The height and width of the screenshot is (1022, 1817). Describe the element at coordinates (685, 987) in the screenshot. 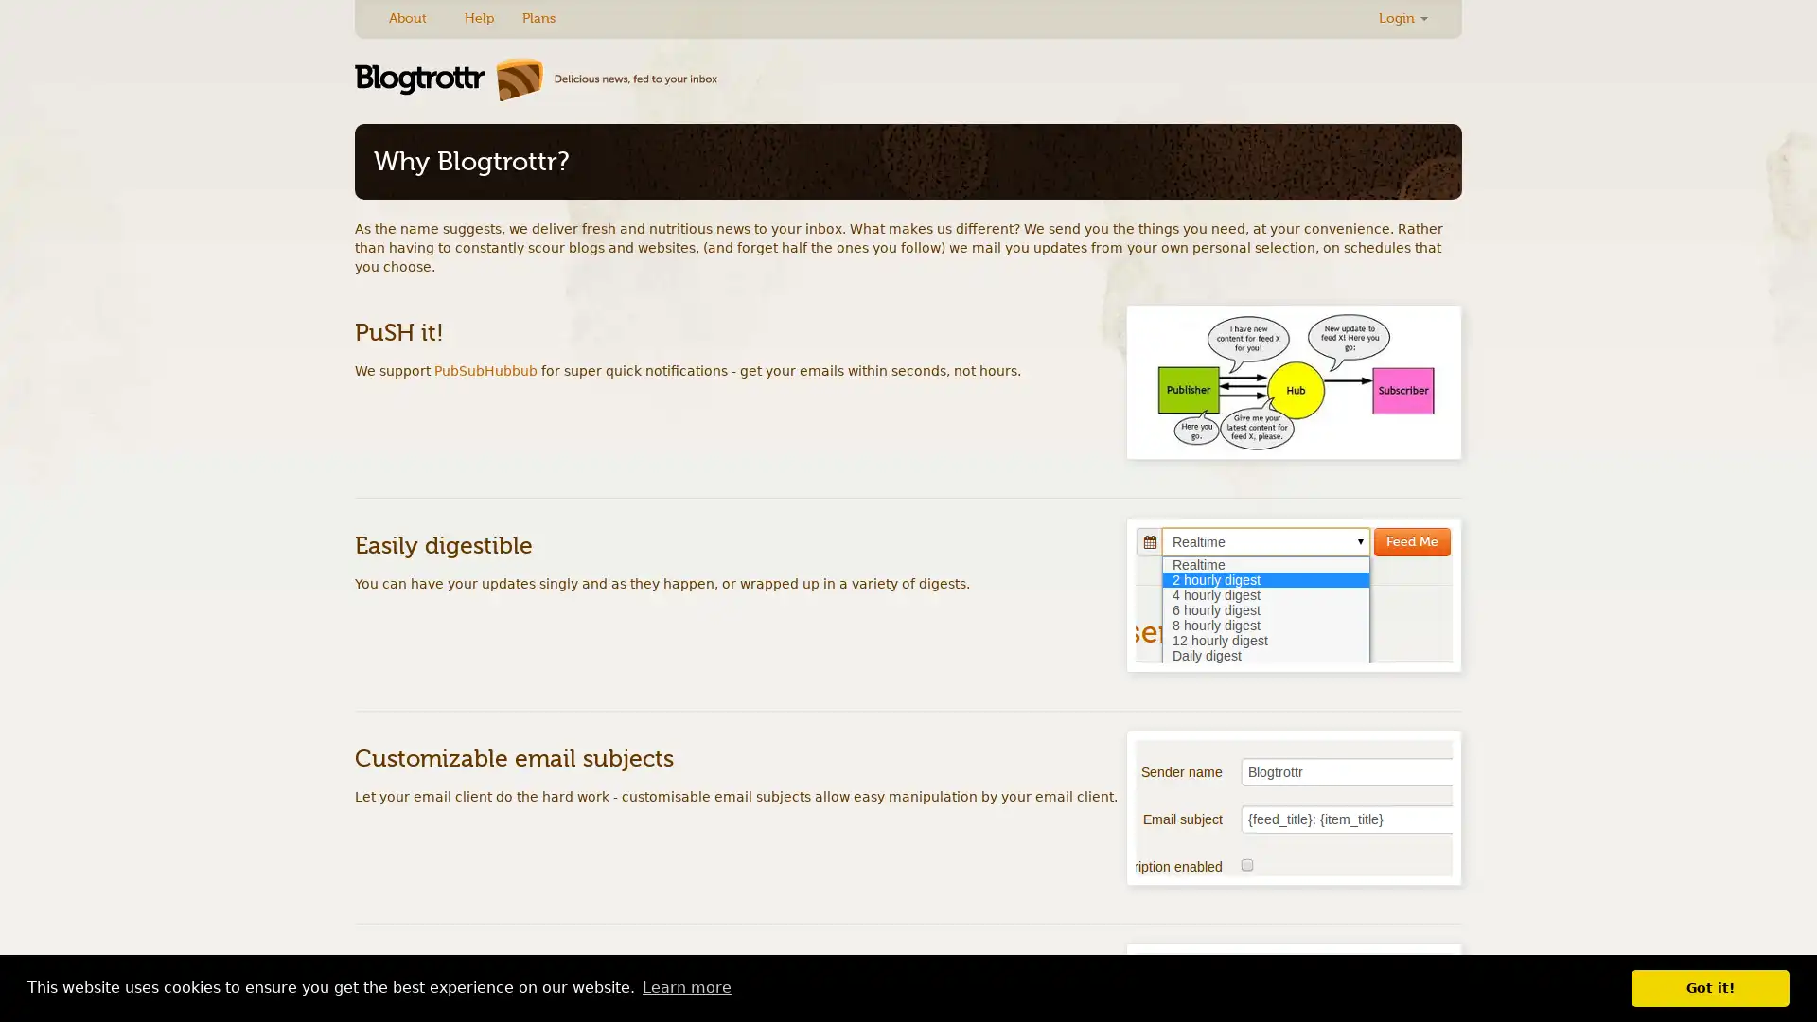

I see `learn more about cookies` at that location.